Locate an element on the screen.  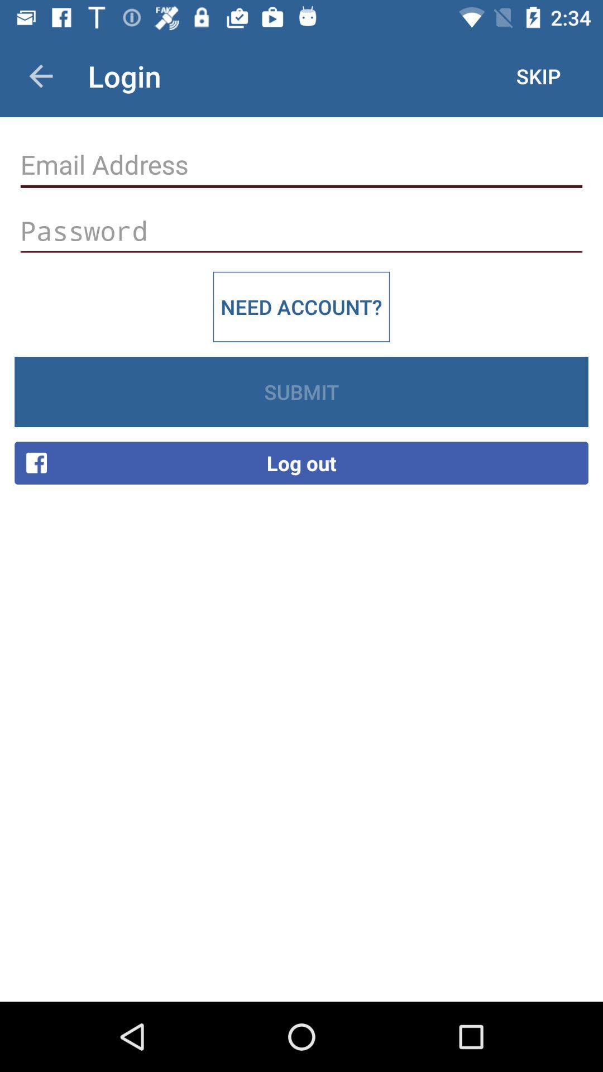
insert the password is located at coordinates (301, 230).